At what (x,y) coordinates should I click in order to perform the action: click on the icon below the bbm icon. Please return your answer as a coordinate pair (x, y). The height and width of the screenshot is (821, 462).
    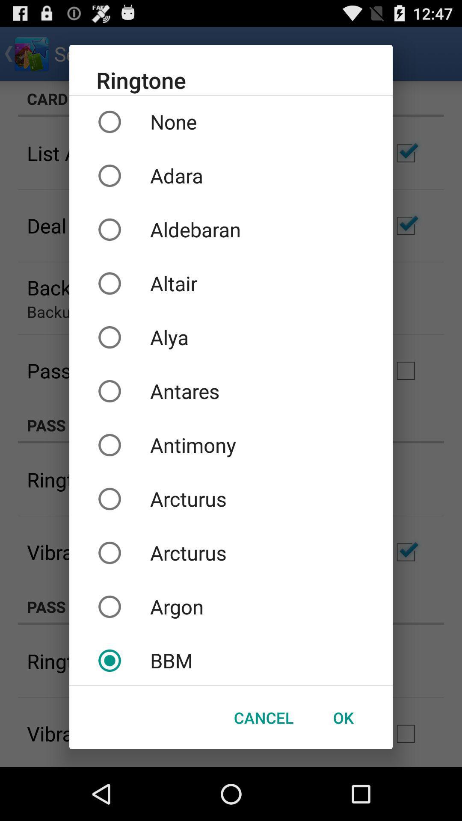
    Looking at the image, I should click on (343, 718).